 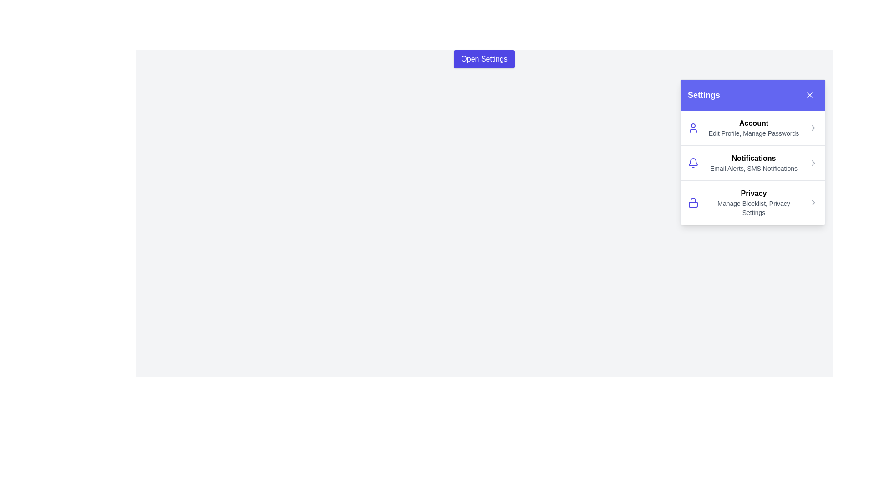 I want to click on the clickable arrow icon at the end of the 'Notifications' row in the settings menu, so click(x=813, y=163).